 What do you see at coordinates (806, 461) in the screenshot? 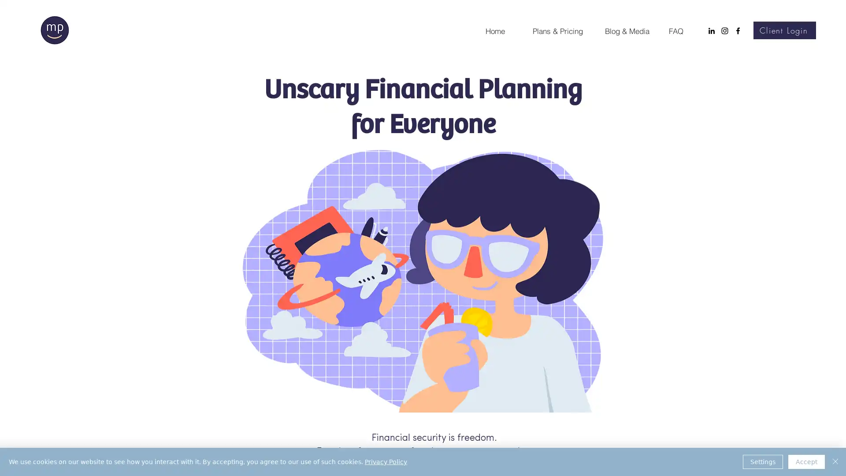
I see `Accept` at bounding box center [806, 461].